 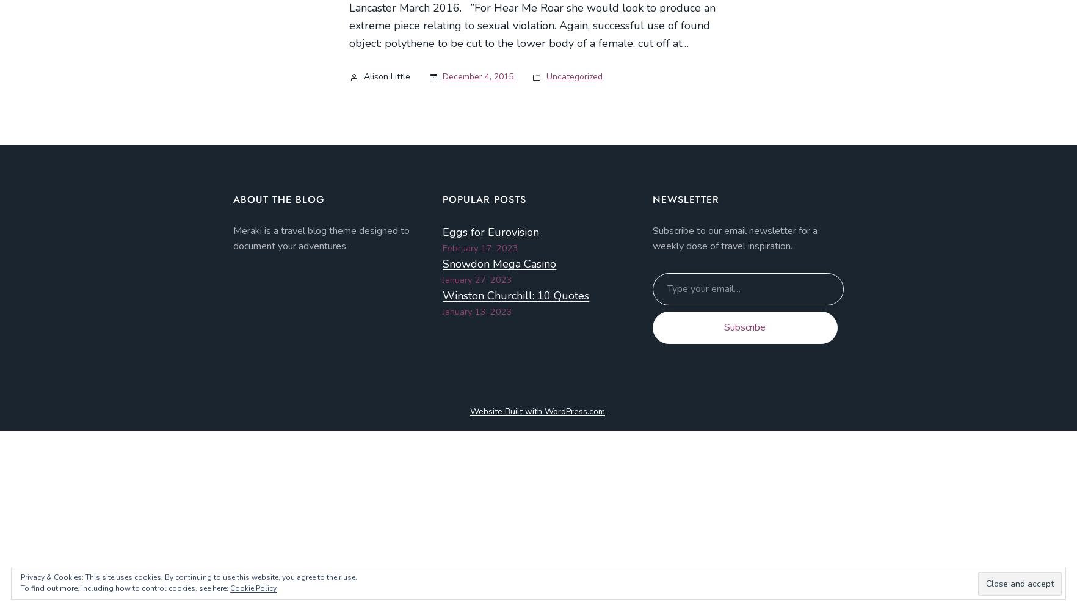 What do you see at coordinates (443, 232) in the screenshot?
I see `'Eggs for Eurovision'` at bounding box center [443, 232].